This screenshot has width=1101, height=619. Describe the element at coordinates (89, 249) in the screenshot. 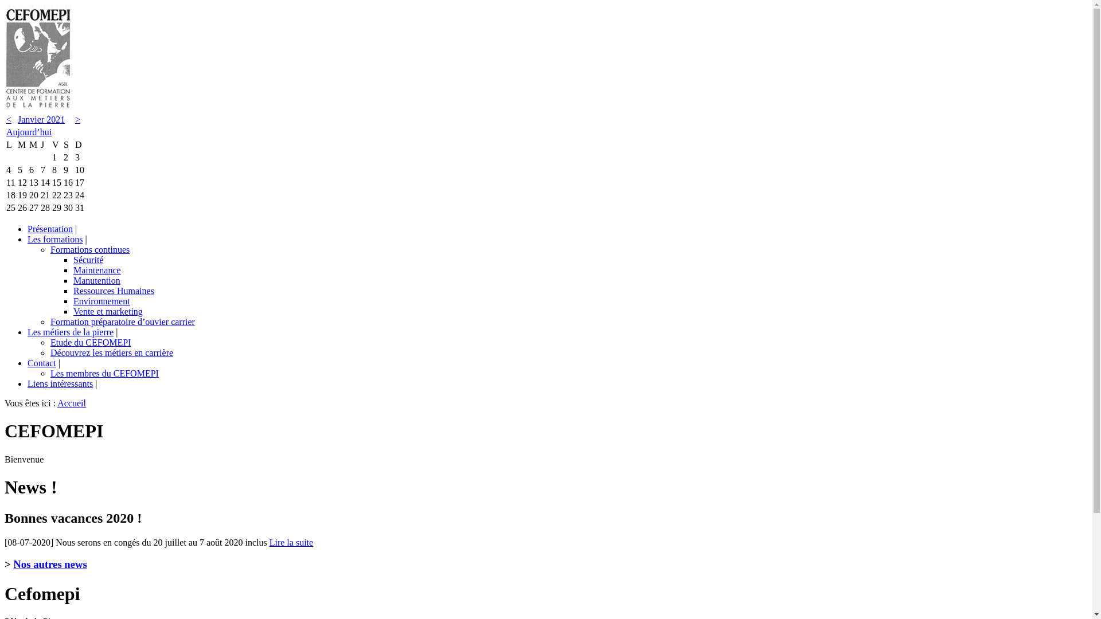

I see `'Formations continues'` at that location.